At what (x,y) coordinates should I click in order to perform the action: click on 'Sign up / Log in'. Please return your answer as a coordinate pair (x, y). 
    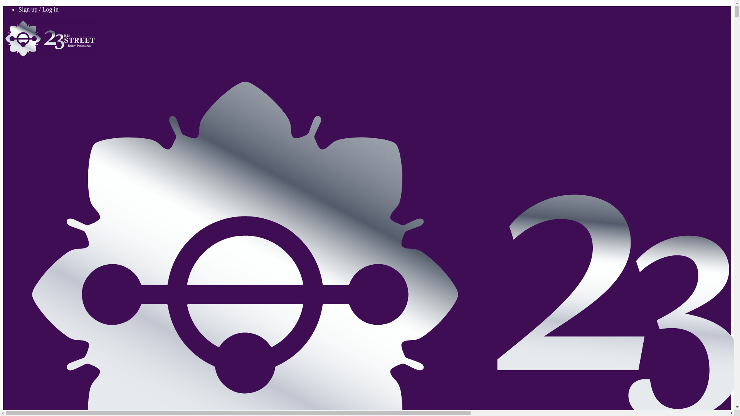
    Looking at the image, I should click on (38, 9).